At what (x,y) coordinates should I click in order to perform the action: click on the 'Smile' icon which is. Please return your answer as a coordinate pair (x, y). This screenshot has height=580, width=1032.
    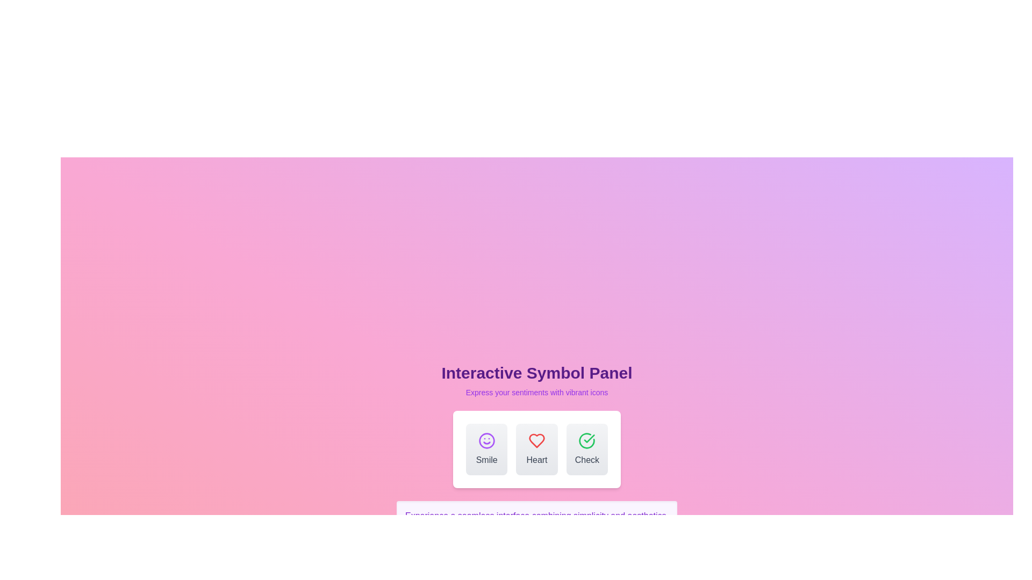
    Looking at the image, I should click on (486, 441).